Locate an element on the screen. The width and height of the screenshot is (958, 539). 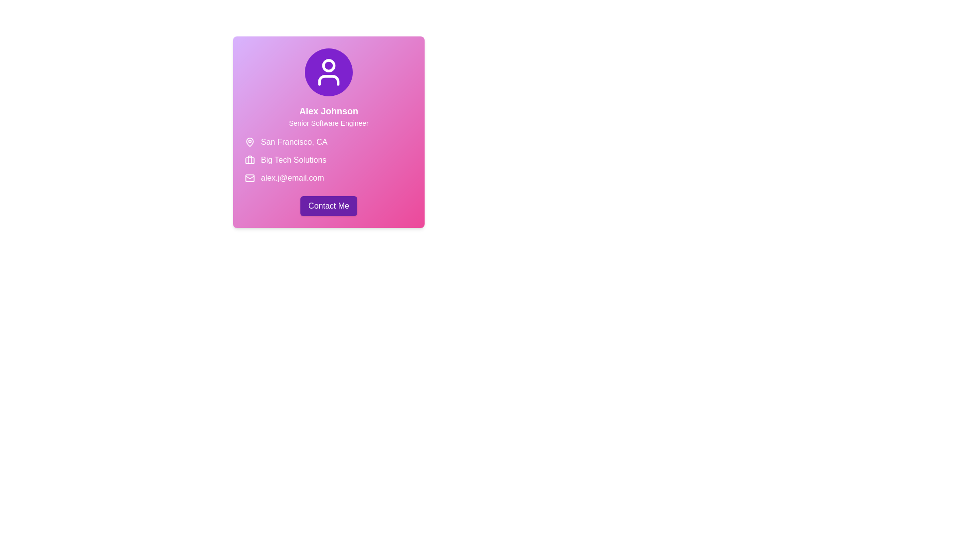
the user profile icon located at the top-center of the profile card layout, above the user name and role text is located at coordinates (328, 72).